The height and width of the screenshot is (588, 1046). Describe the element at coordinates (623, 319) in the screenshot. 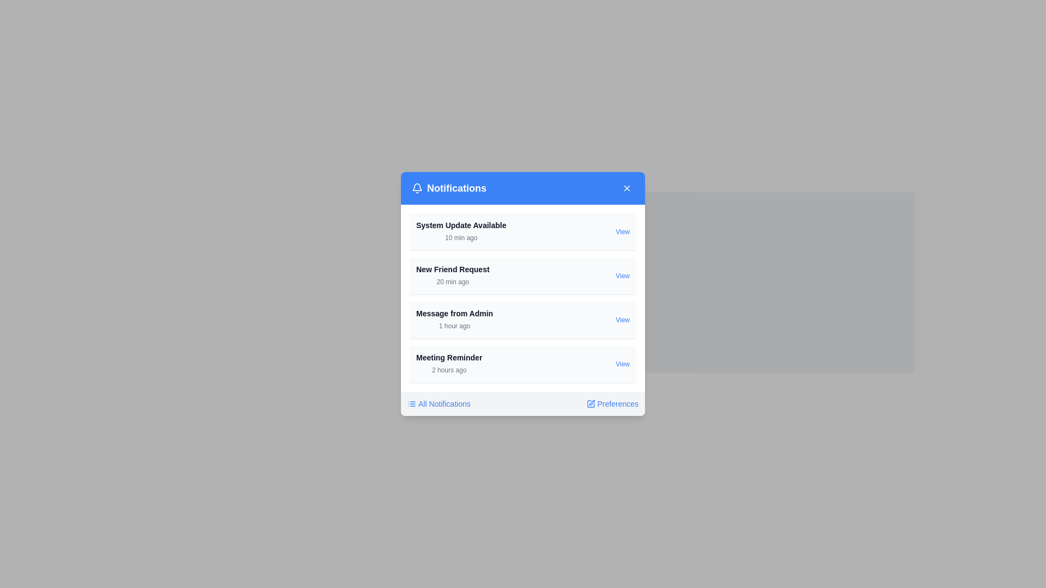

I see `the hyperlinked text located on the right side of the row containing the message 'Message from Admin'` at that location.